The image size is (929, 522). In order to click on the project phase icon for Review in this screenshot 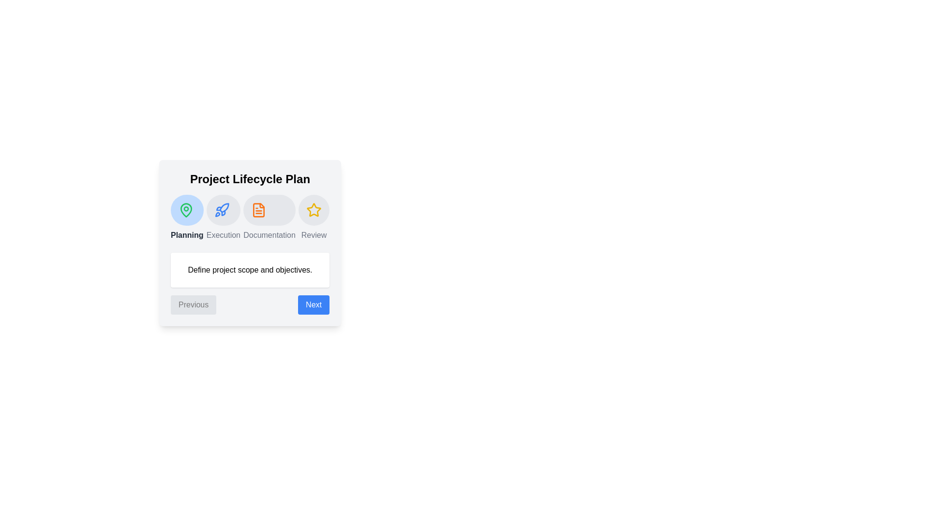, I will do `click(314, 210)`.